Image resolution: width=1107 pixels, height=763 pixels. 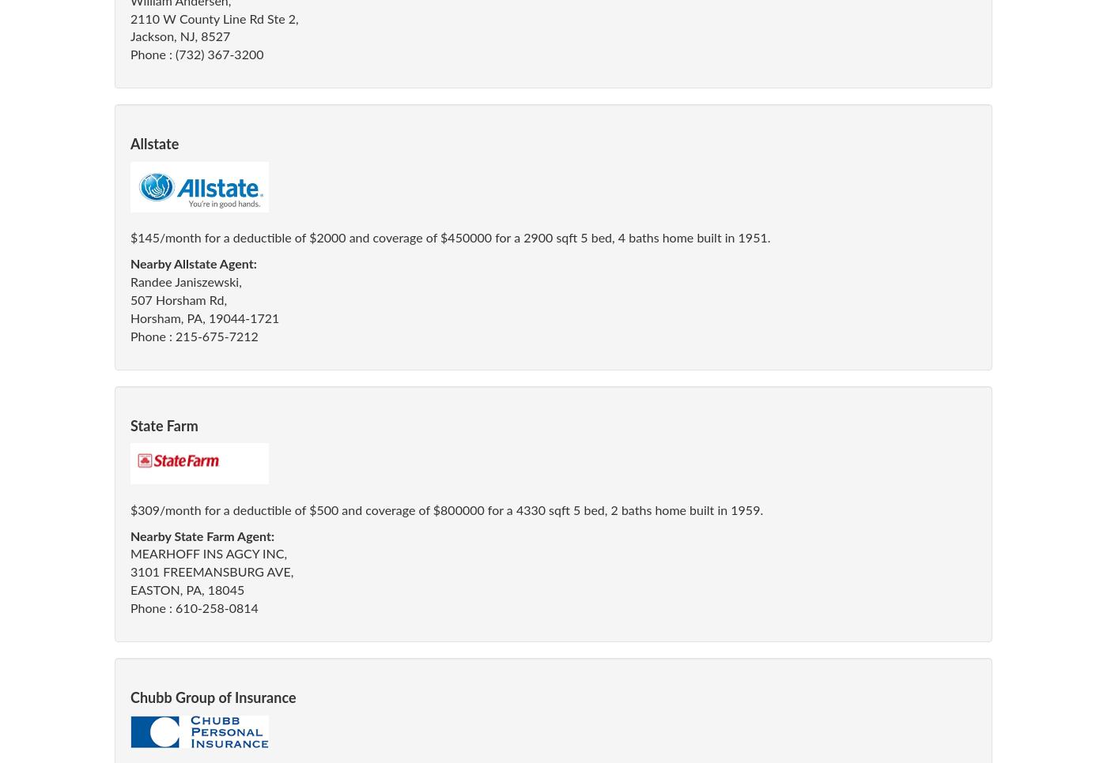 What do you see at coordinates (130, 300) in the screenshot?
I see `'507 Horsham Rd,'` at bounding box center [130, 300].